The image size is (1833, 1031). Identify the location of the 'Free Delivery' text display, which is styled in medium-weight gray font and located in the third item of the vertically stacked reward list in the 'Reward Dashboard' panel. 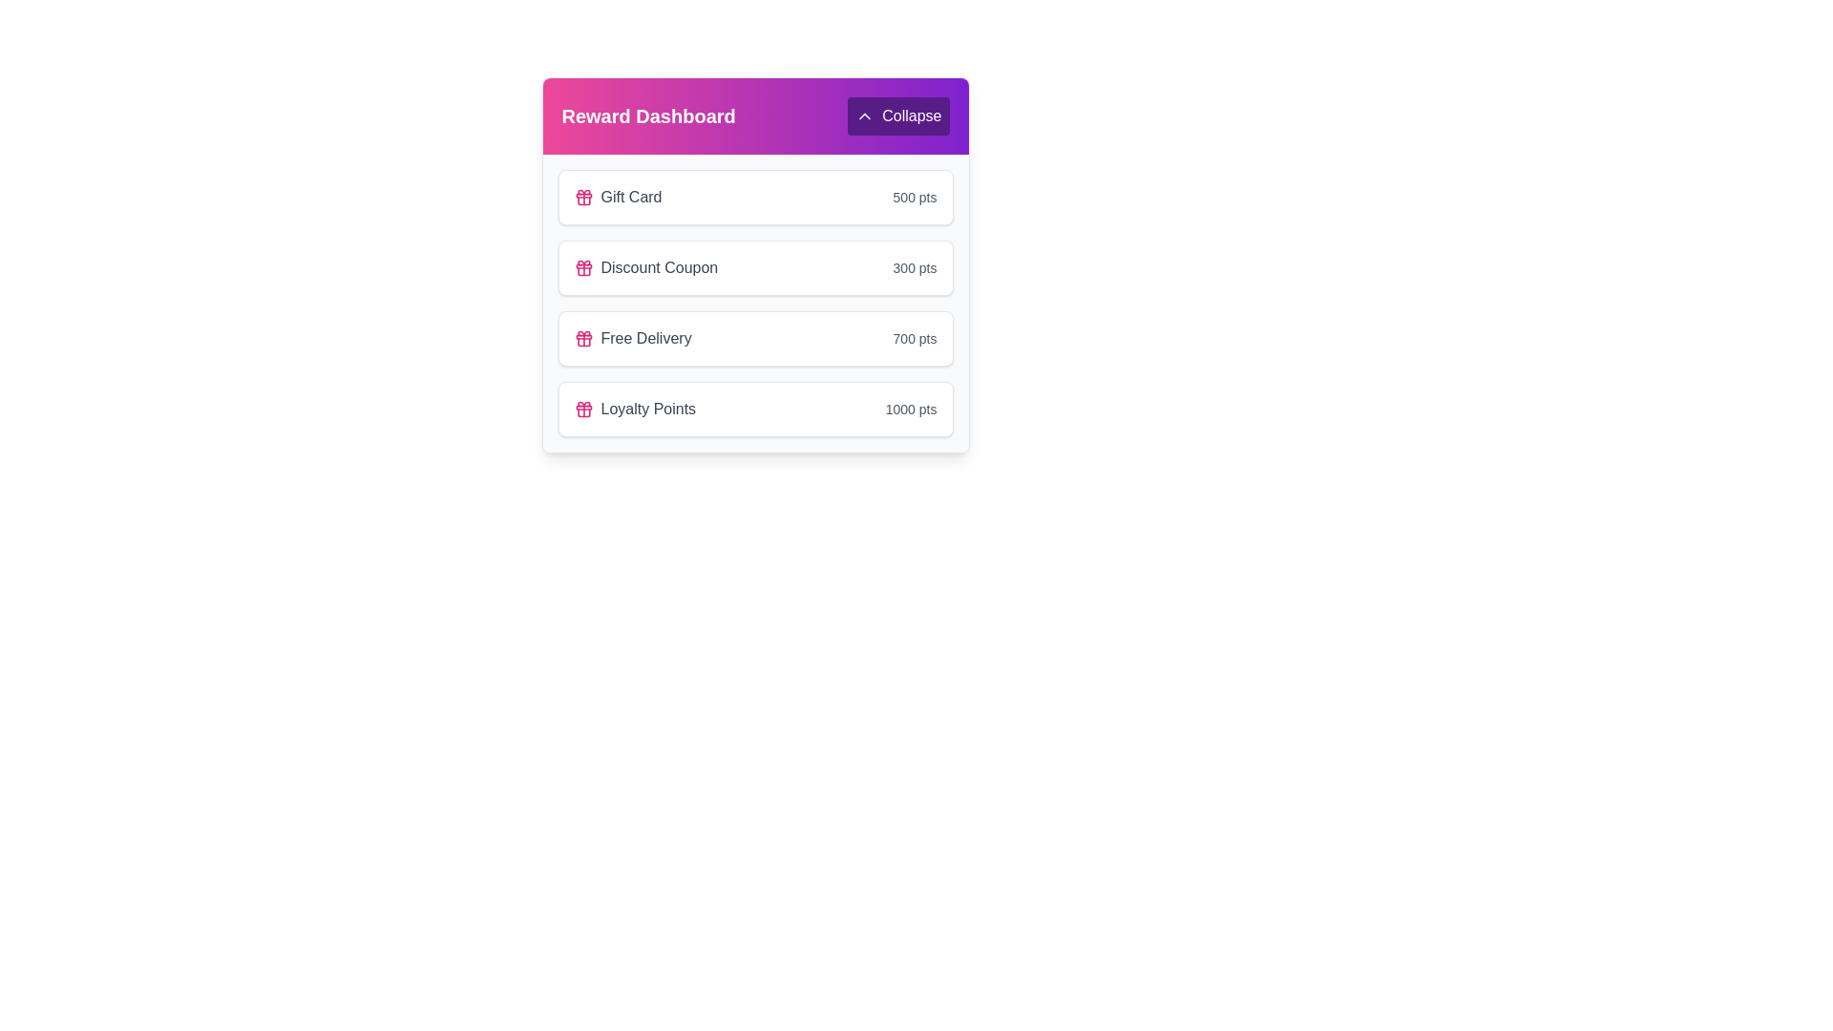
(645, 337).